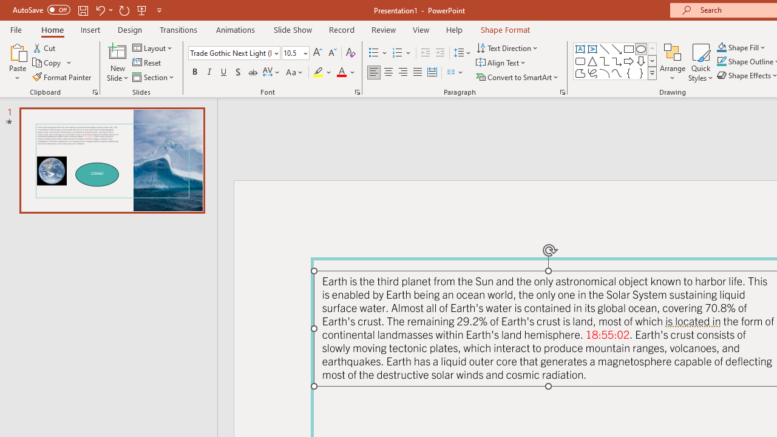 The height and width of the screenshot is (437, 777). Describe the element at coordinates (47, 63) in the screenshot. I see `'Copy'` at that location.